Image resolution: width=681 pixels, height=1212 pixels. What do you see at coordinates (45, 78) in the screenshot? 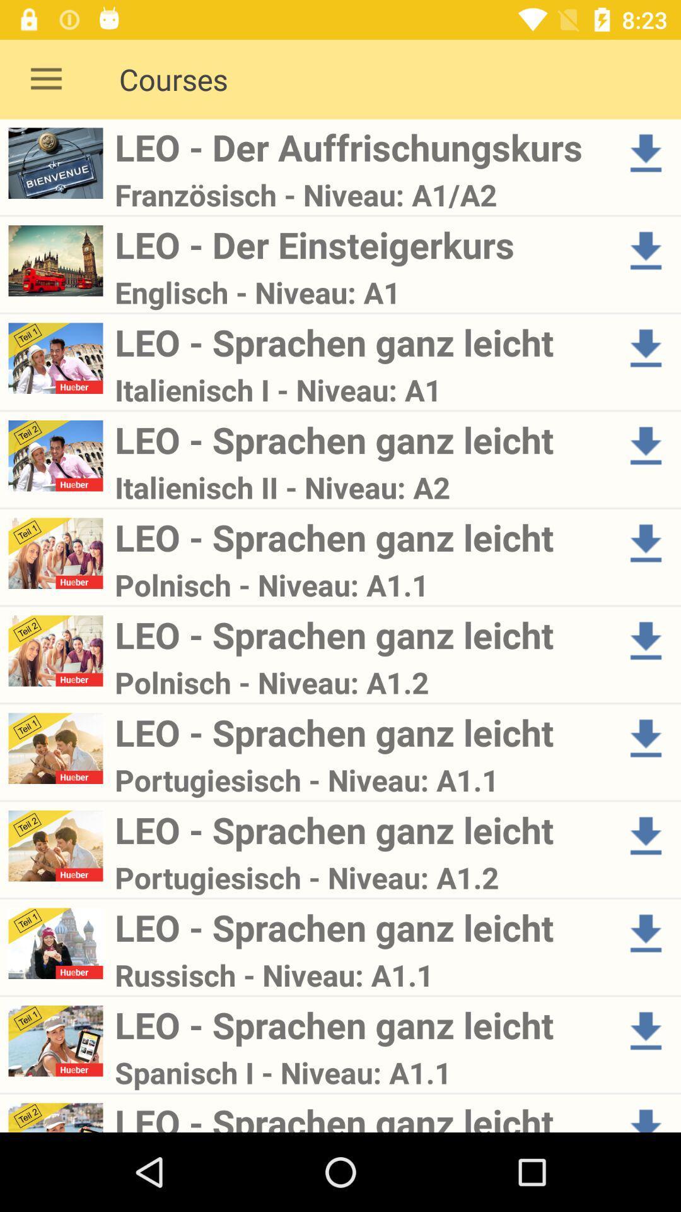
I see `the icon to the left of leo - der auffrischungskurs icon` at bounding box center [45, 78].